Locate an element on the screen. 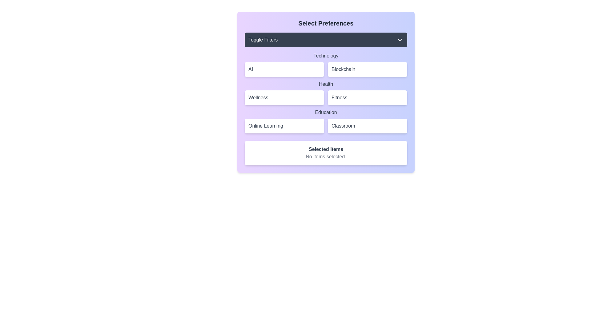 The width and height of the screenshot is (591, 332). the icon located at the far-right corner of the 'Toggle Filters' section is located at coordinates (400, 40).